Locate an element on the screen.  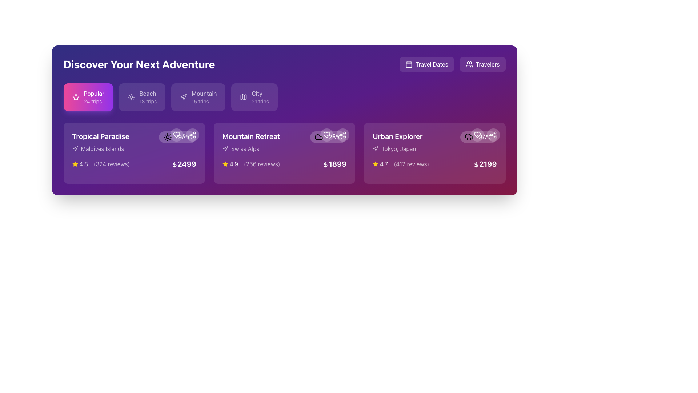
the static representation of the dollar symbol icon located to the left of the price text '2199' in the bottom-right card of the interface is located at coordinates (476, 164).